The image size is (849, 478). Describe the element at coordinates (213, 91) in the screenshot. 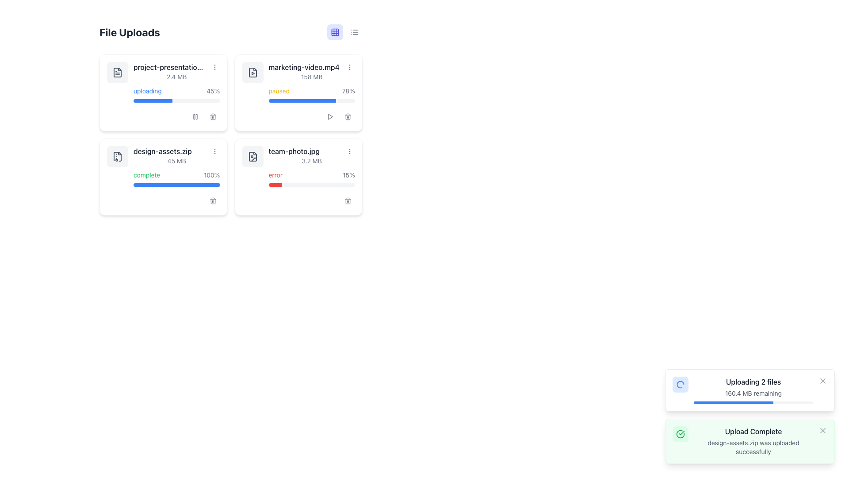

I see `the text display that indicates the upload progress percentage, located next to the 'uploading' text in the upload process card` at that location.